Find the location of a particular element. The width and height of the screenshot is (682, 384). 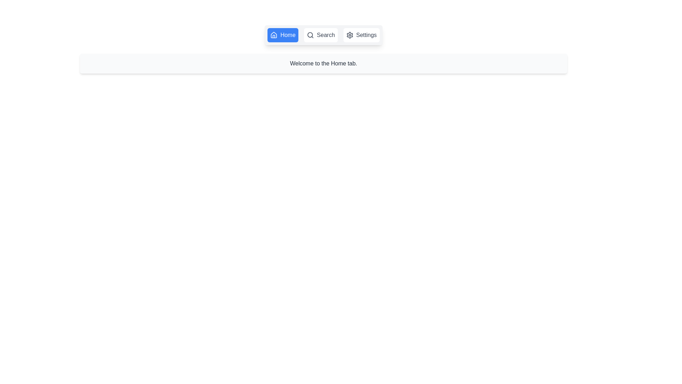

the 'Settings' button, which is the third button in the group of buttons including 'Home', 'Search', and 'Settings' is located at coordinates (361, 35).